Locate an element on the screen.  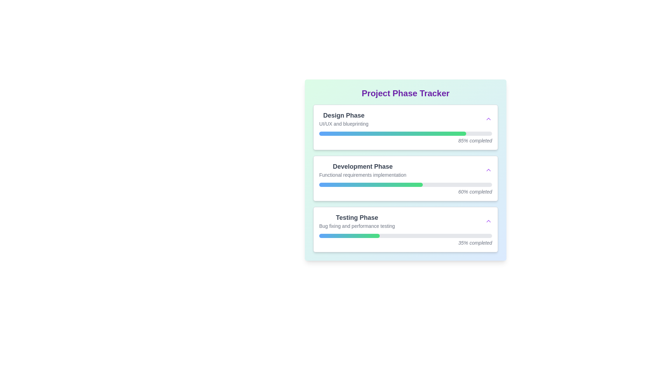
the gradient-filled portion of the horizontal progress bar that visually represents the completion percentage of the 'Development Phase' is located at coordinates (371, 184).